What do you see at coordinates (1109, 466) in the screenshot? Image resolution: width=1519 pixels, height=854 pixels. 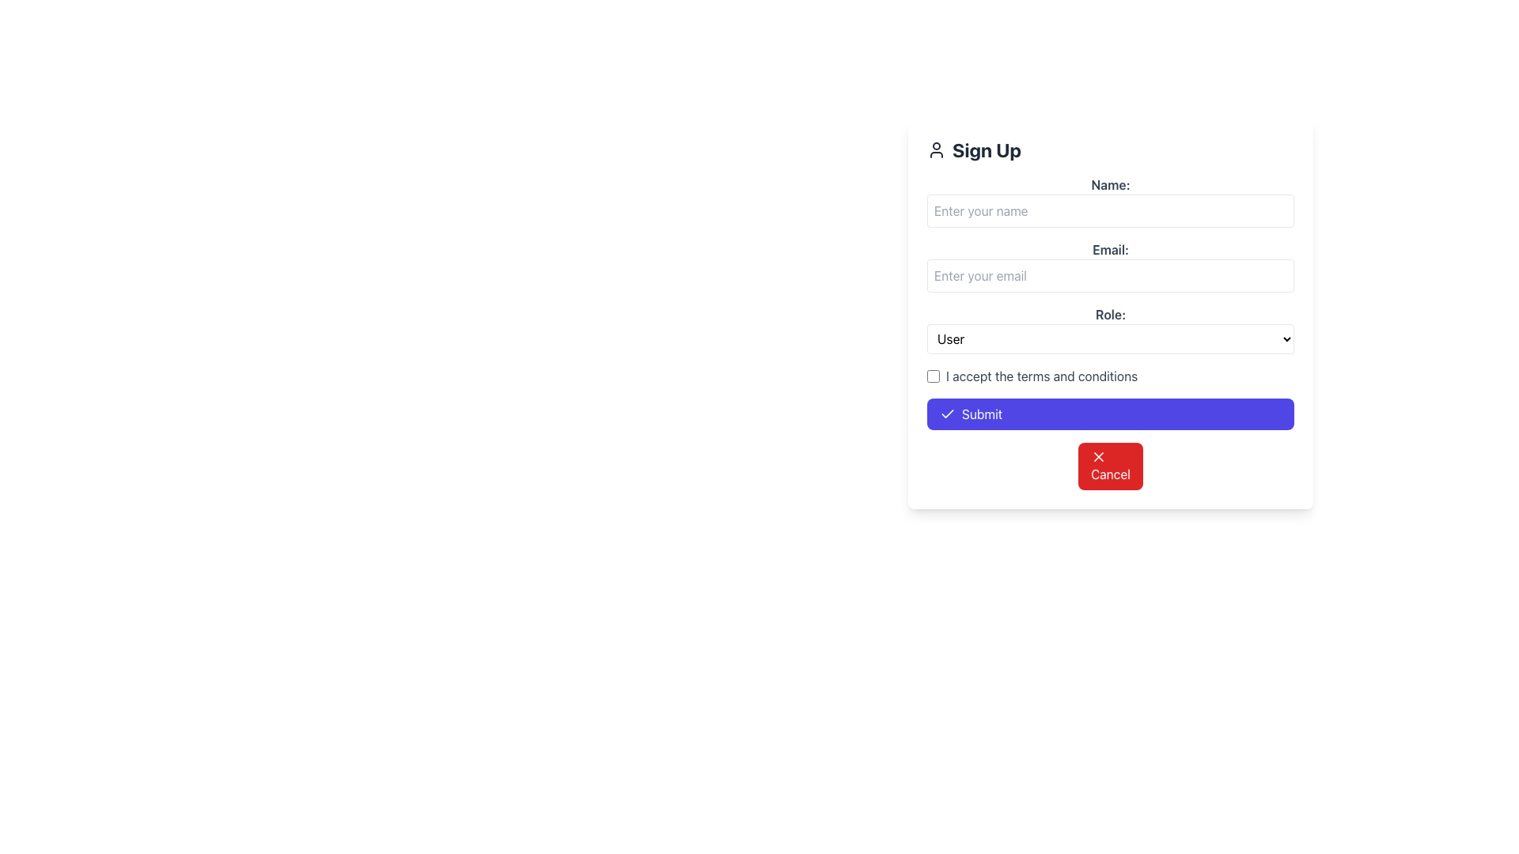 I see `the 'Cancel' button with a bright red background and white text` at bounding box center [1109, 466].